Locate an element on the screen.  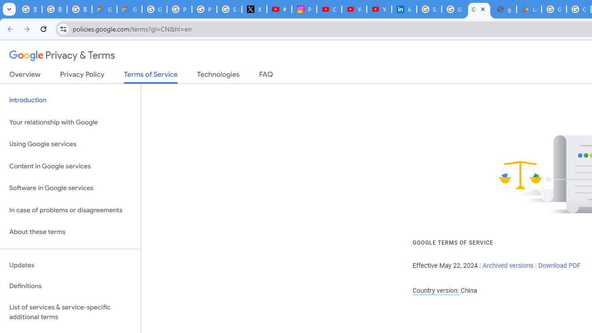
'Privacy & Terms' is located at coordinates (62, 55).